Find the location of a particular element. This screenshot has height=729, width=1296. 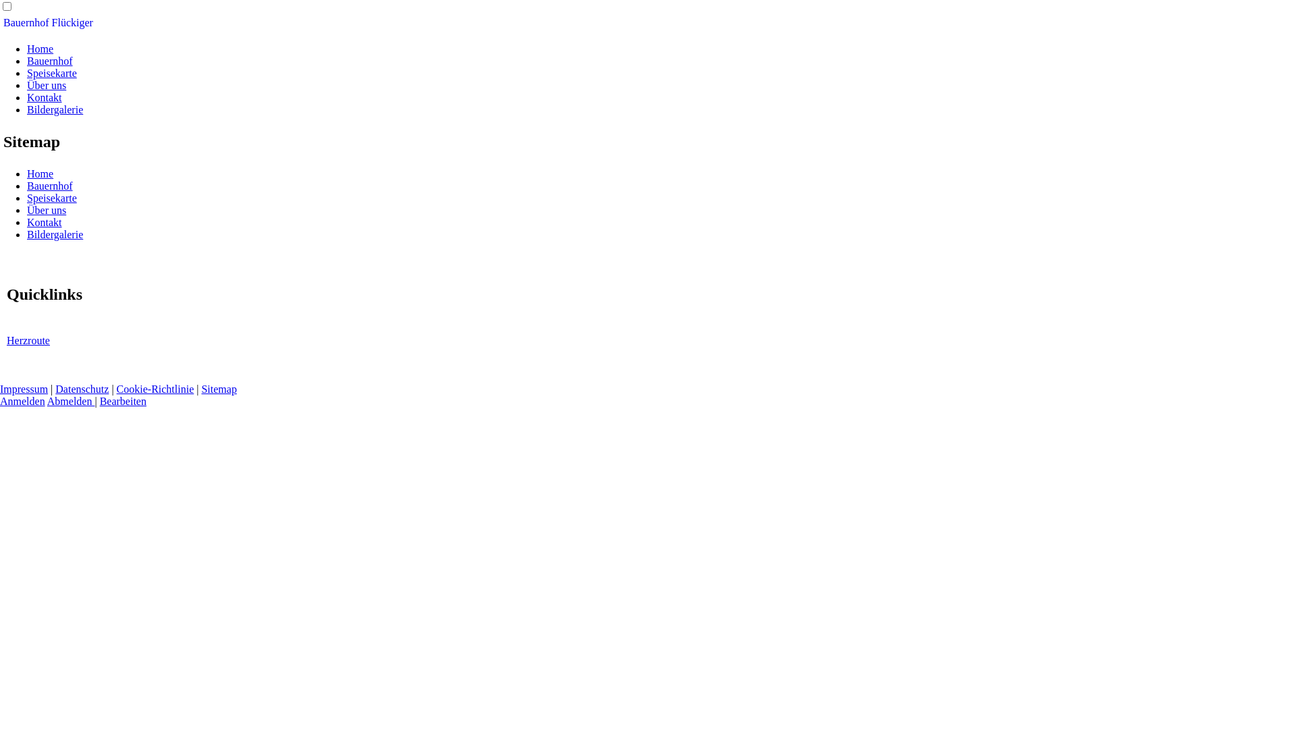

'Abmelden' is located at coordinates (70, 400).